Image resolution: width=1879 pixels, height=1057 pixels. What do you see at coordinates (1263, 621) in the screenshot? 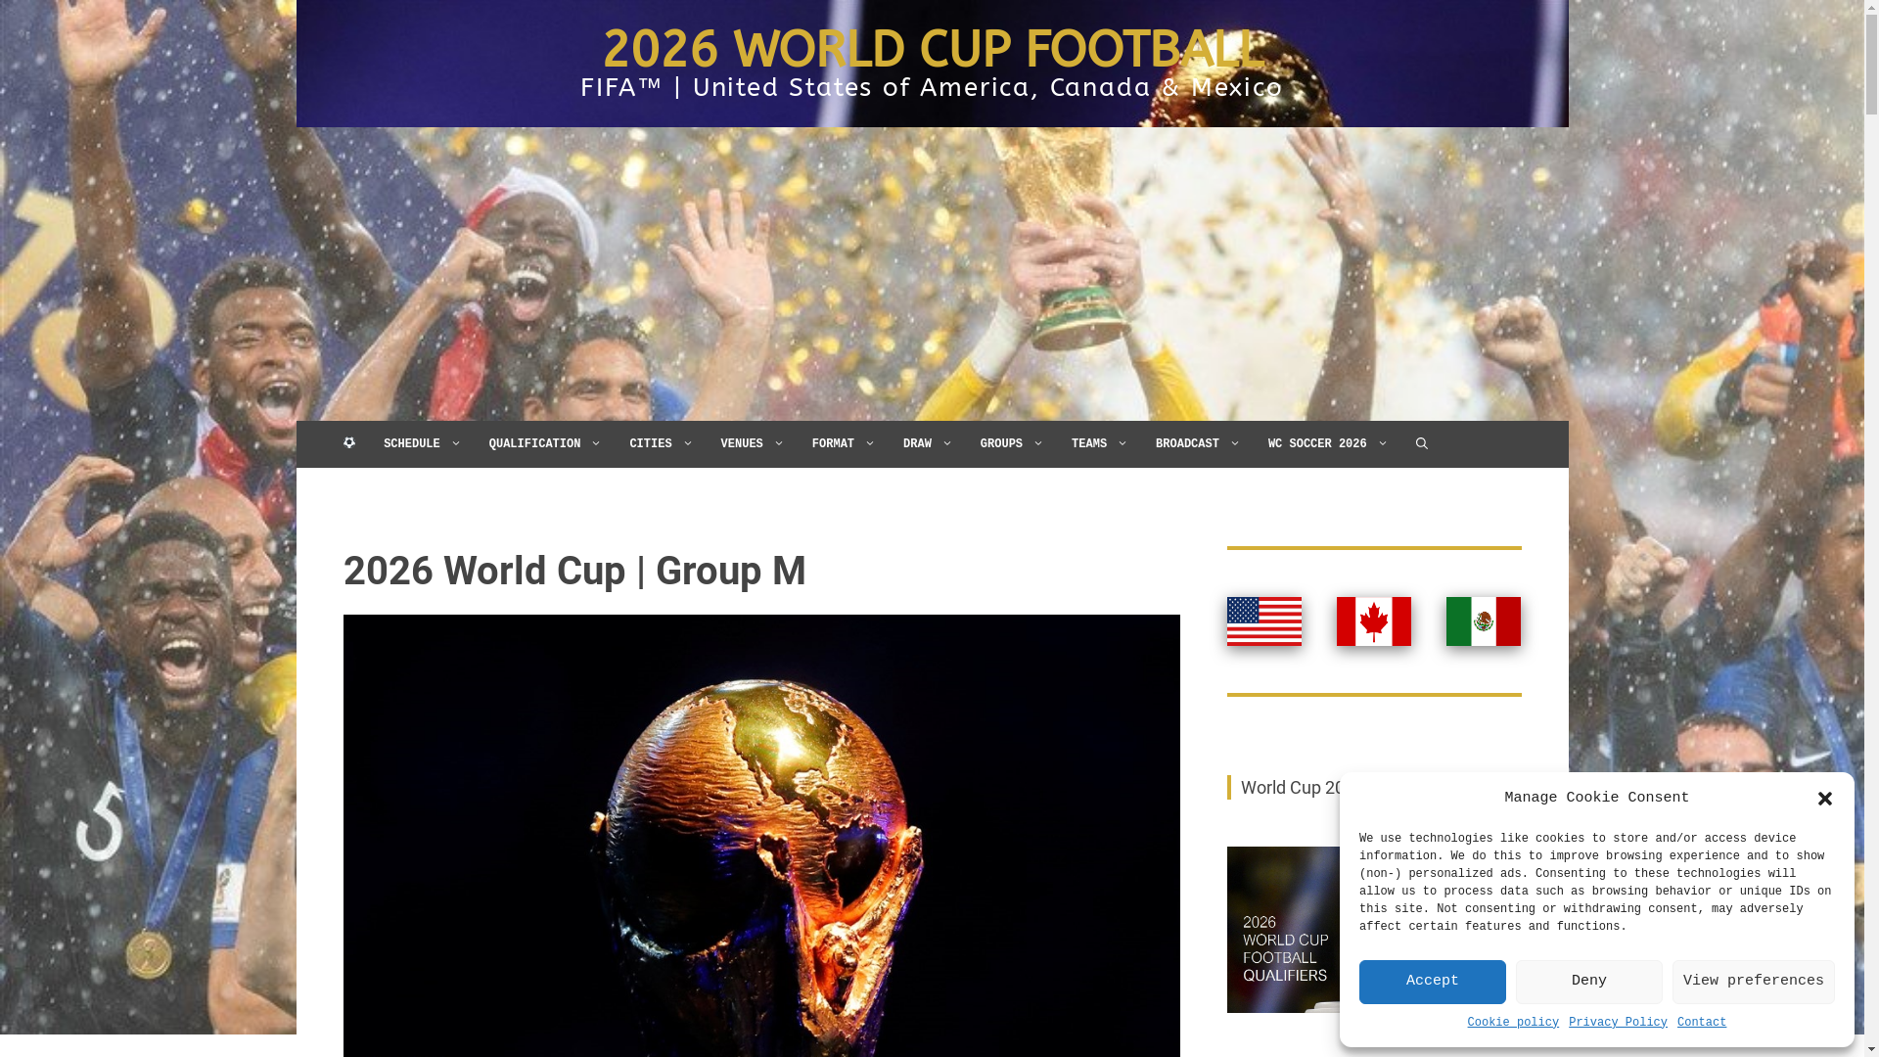
I see `'USA host World Cup Football 2026'` at bounding box center [1263, 621].